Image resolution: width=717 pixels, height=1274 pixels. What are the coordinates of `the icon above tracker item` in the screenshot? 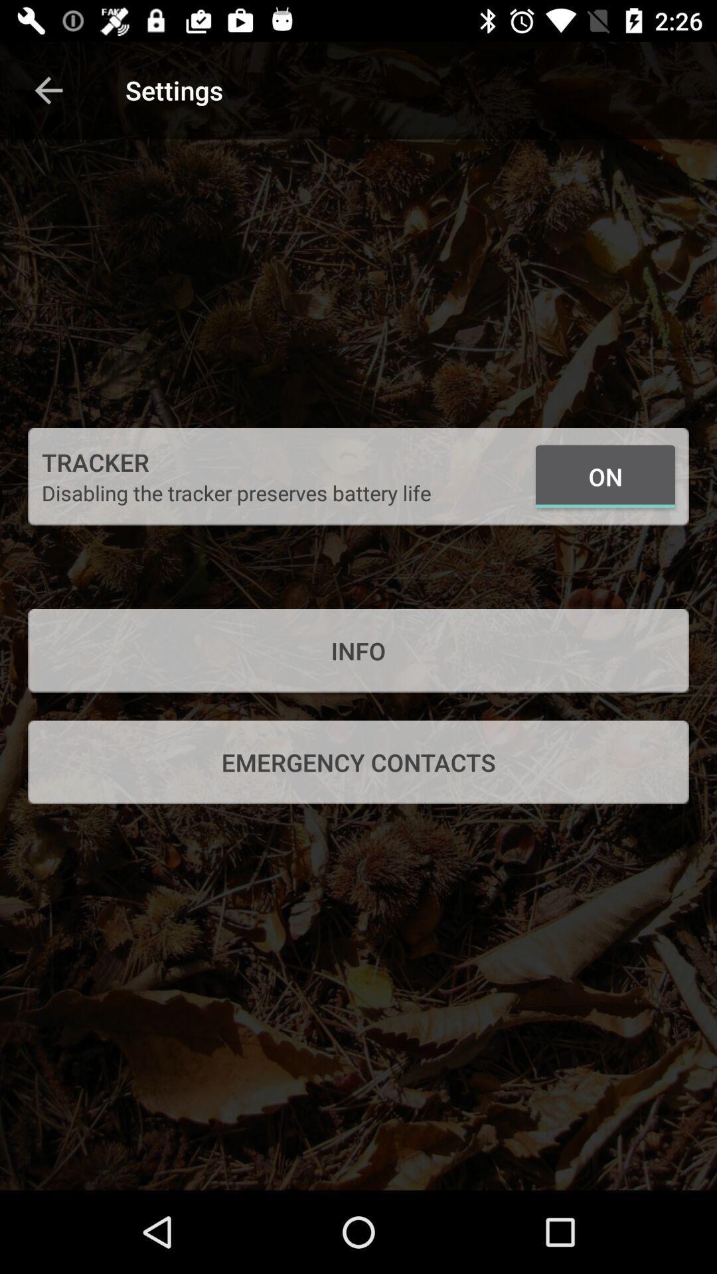 It's located at (48, 90).